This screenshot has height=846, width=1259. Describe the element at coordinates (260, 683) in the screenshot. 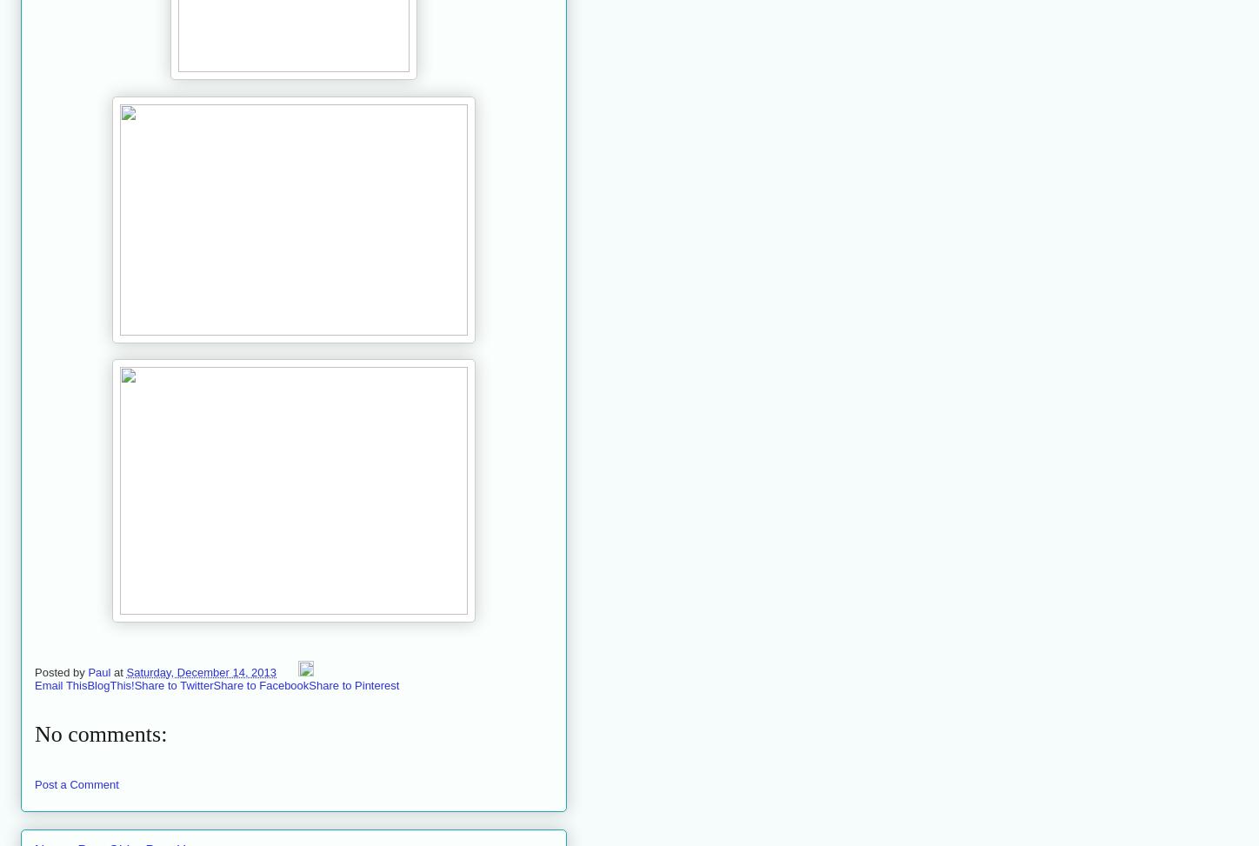

I see `'Share to Facebook'` at that location.